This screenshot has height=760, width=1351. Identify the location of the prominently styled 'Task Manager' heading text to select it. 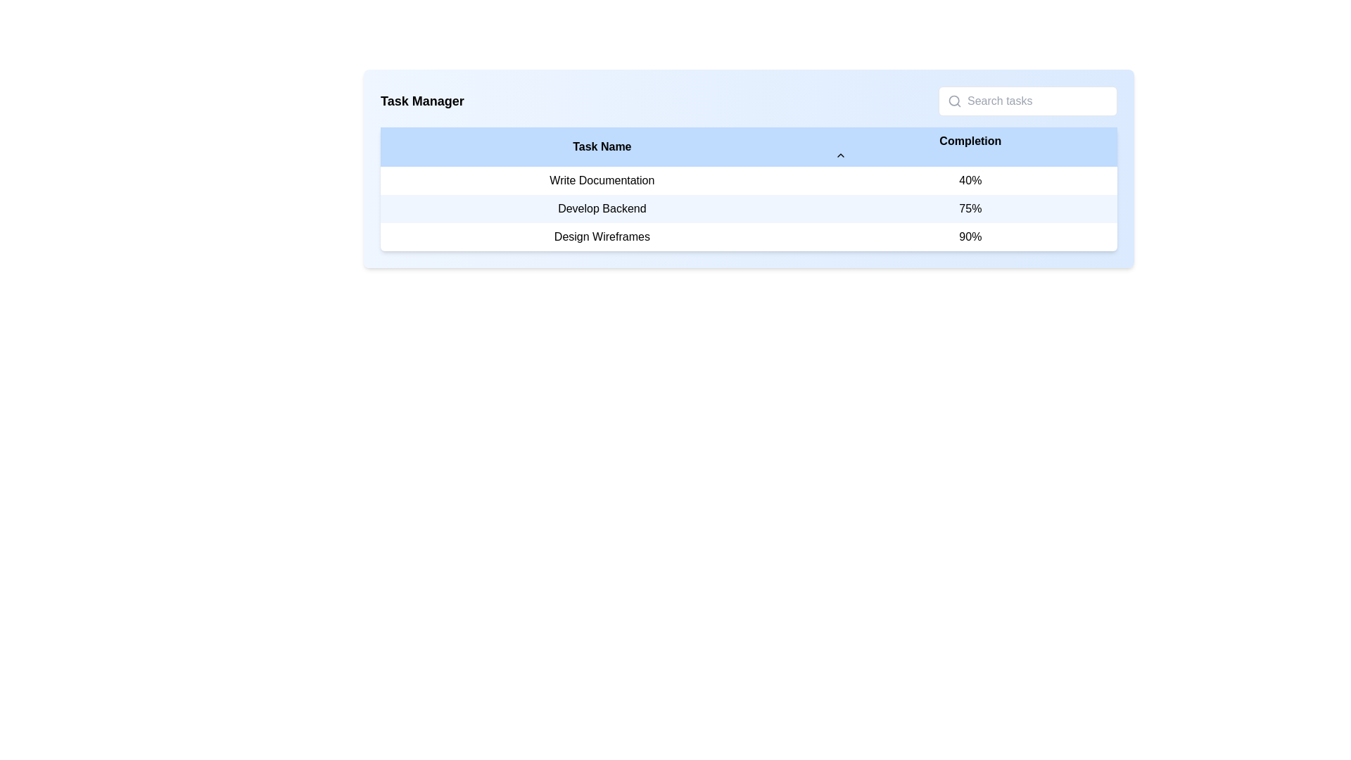
(421, 100).